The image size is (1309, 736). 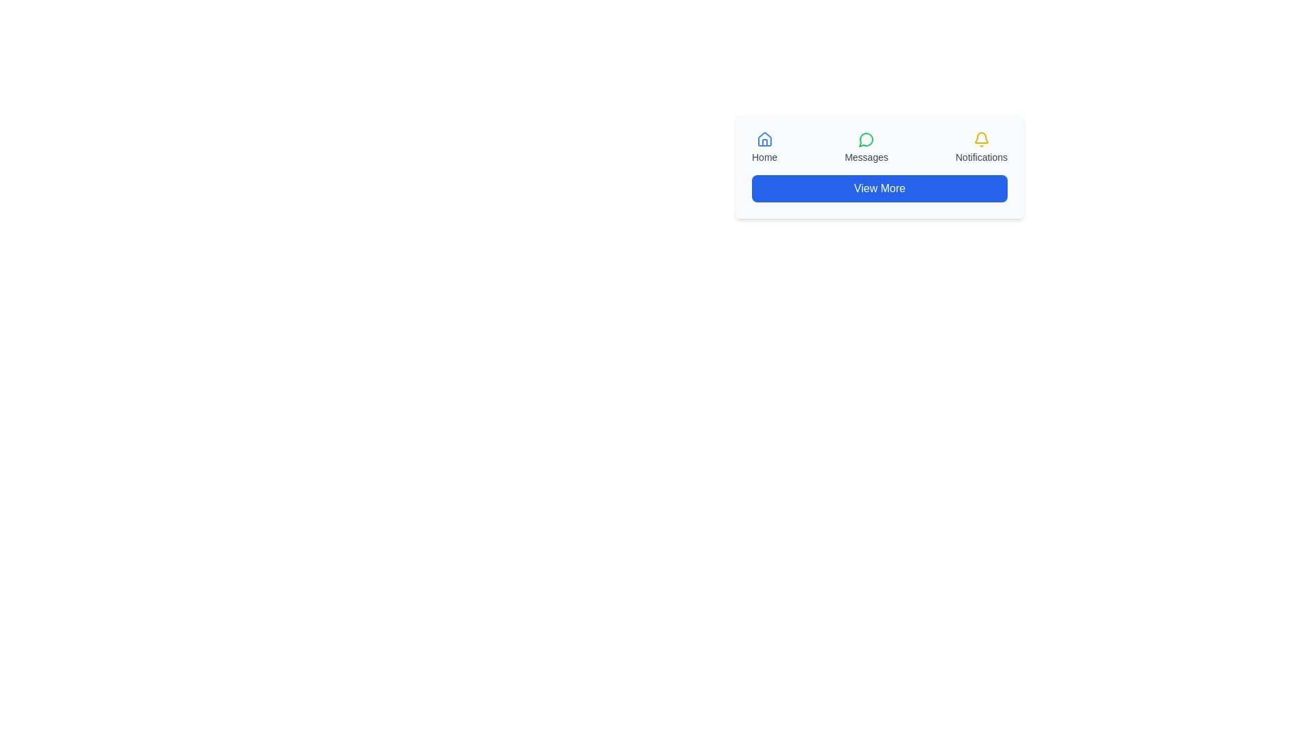 What do you see at coordinates (980, 139) in the screenshot?
I see `the yellow bell icon in the top-right corner of the navigation menu` at bounding box center [980, 139].